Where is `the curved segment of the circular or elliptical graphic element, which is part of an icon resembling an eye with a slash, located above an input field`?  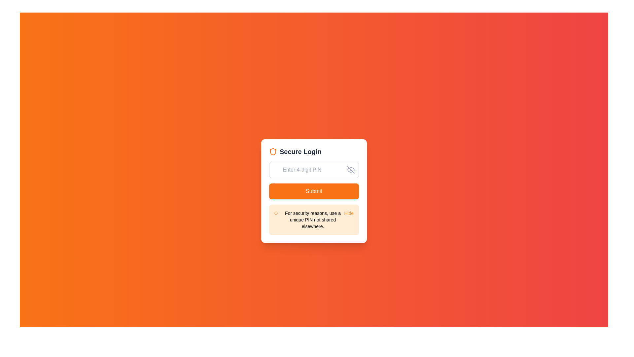
the curved segment of the circular or elliptical graphic element, which is part of an icon resembling an eye with a slash, located above an input field is located at coordinates (350, 170).